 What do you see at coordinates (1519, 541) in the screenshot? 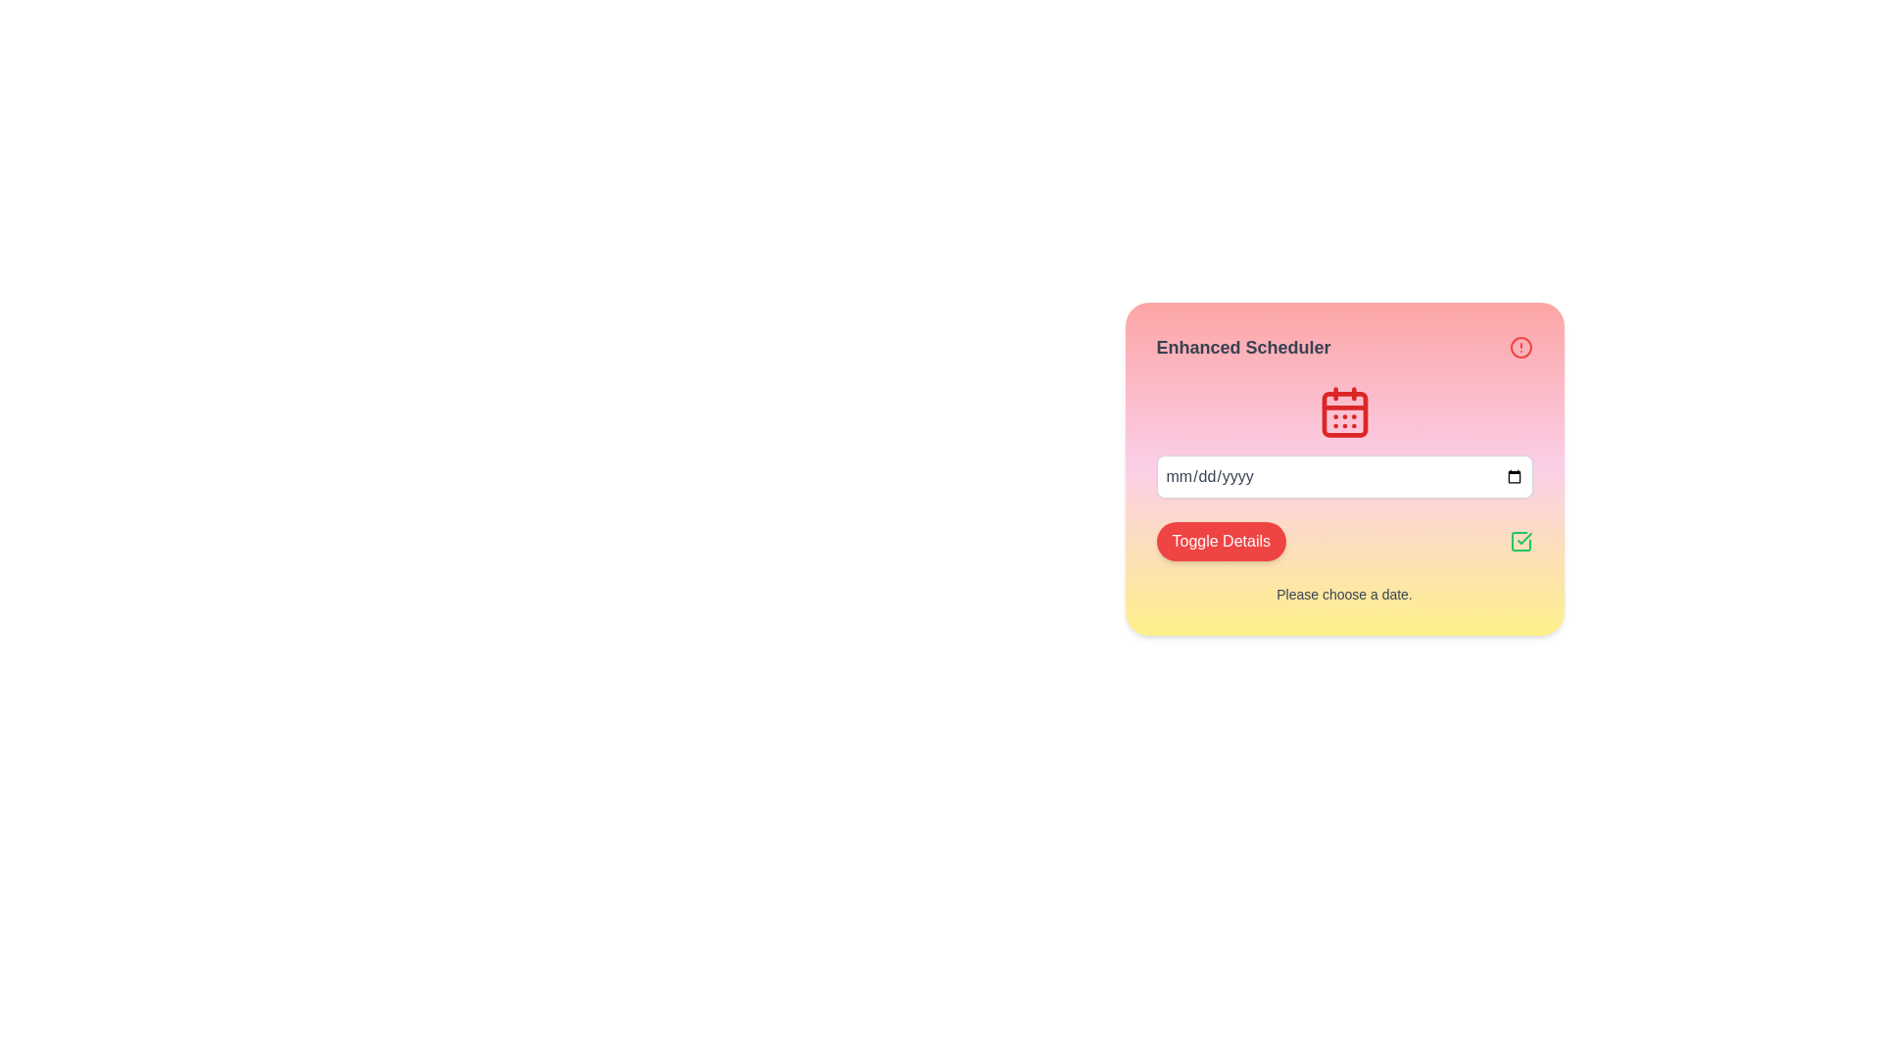
I see `the square icon with rounded corners containing a green checkmark, located at the bottom-right corner of the UI card, below the 'Toggle Details' button` at bounding box center [1519, 541].